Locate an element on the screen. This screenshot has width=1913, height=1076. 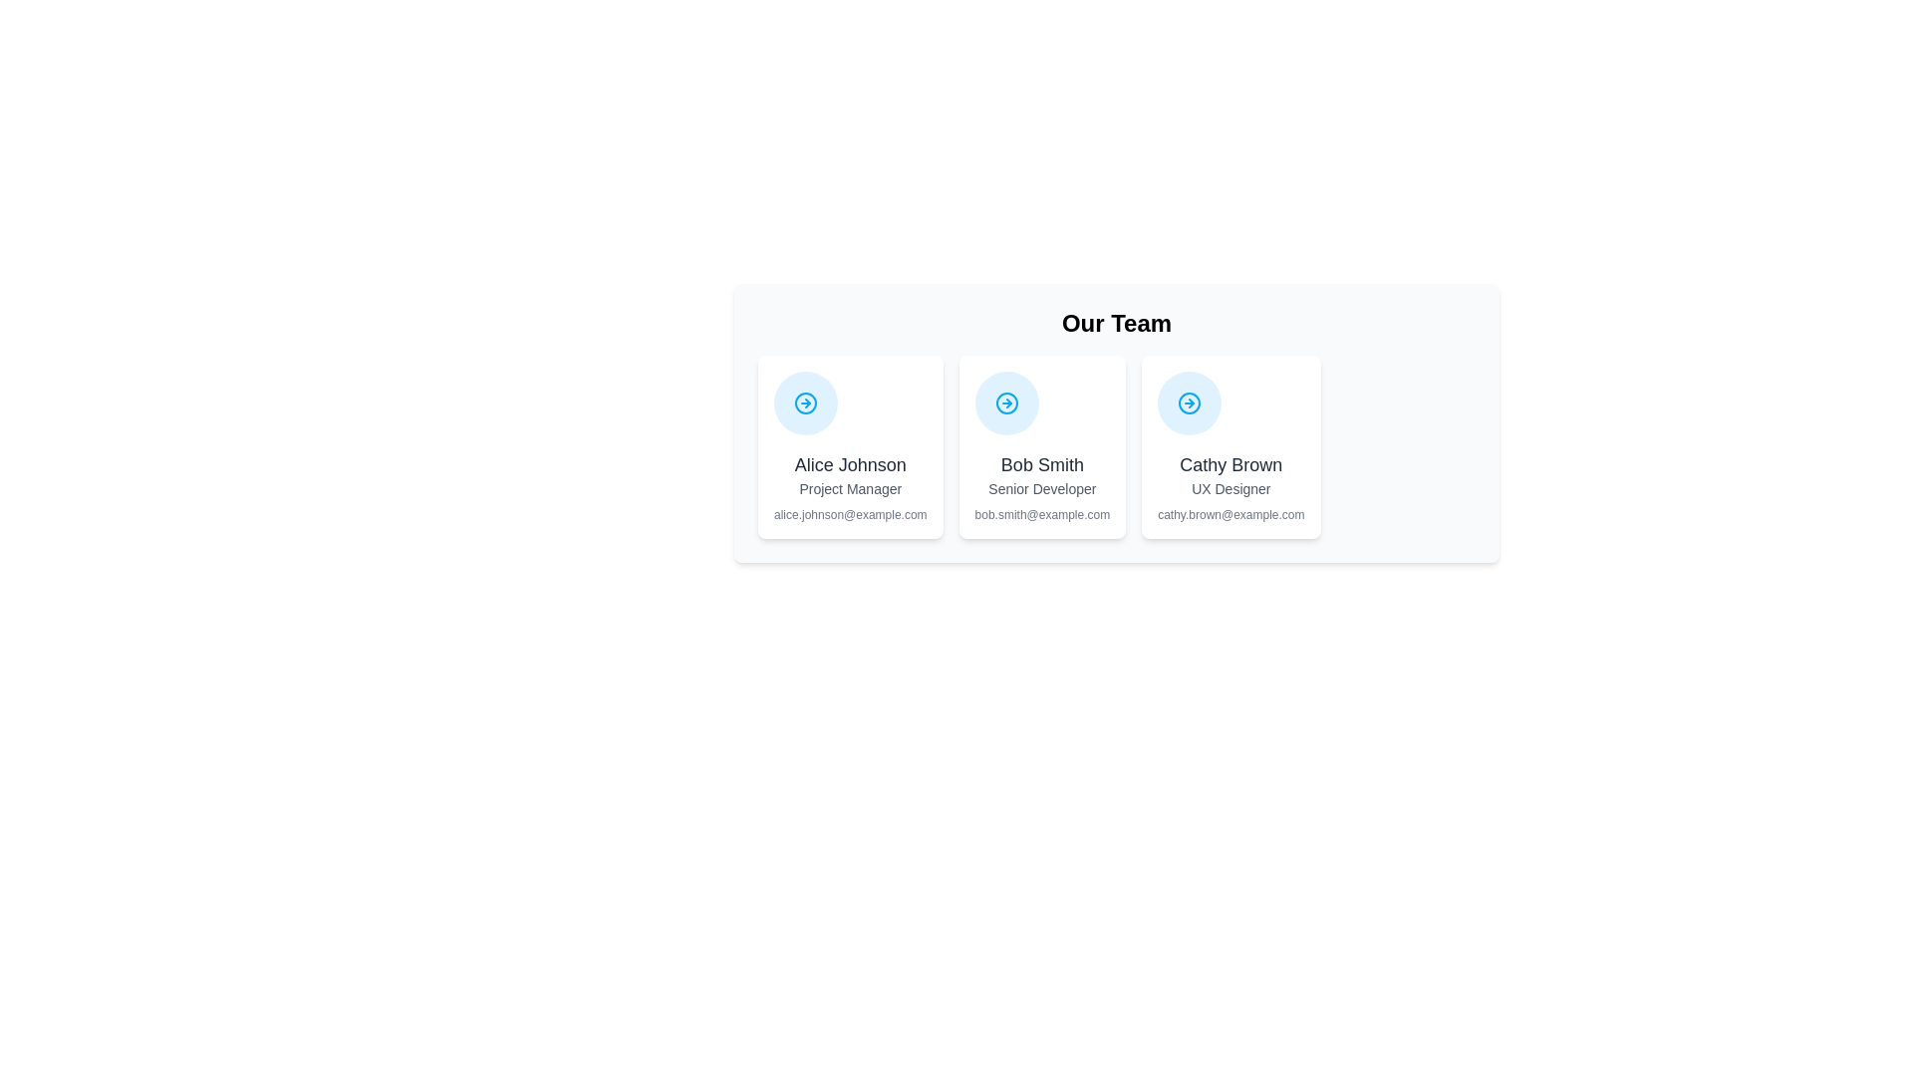
the central icon representing navigation or action related to 'Bob Smith' in the 'Our Team' section of the profile card is located at coordinates (1006, 403).